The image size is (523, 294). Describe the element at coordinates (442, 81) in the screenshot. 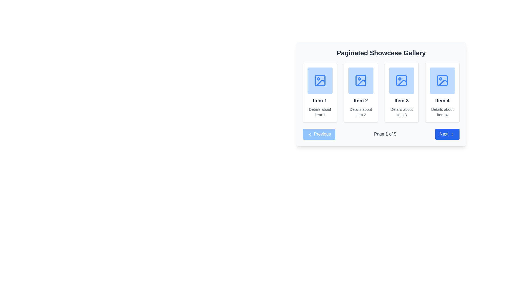

I see `the mountain and sun icon within the fourth card titled 'Item 4' in the 'Paginated Showcase Gallery' interface` at that location.